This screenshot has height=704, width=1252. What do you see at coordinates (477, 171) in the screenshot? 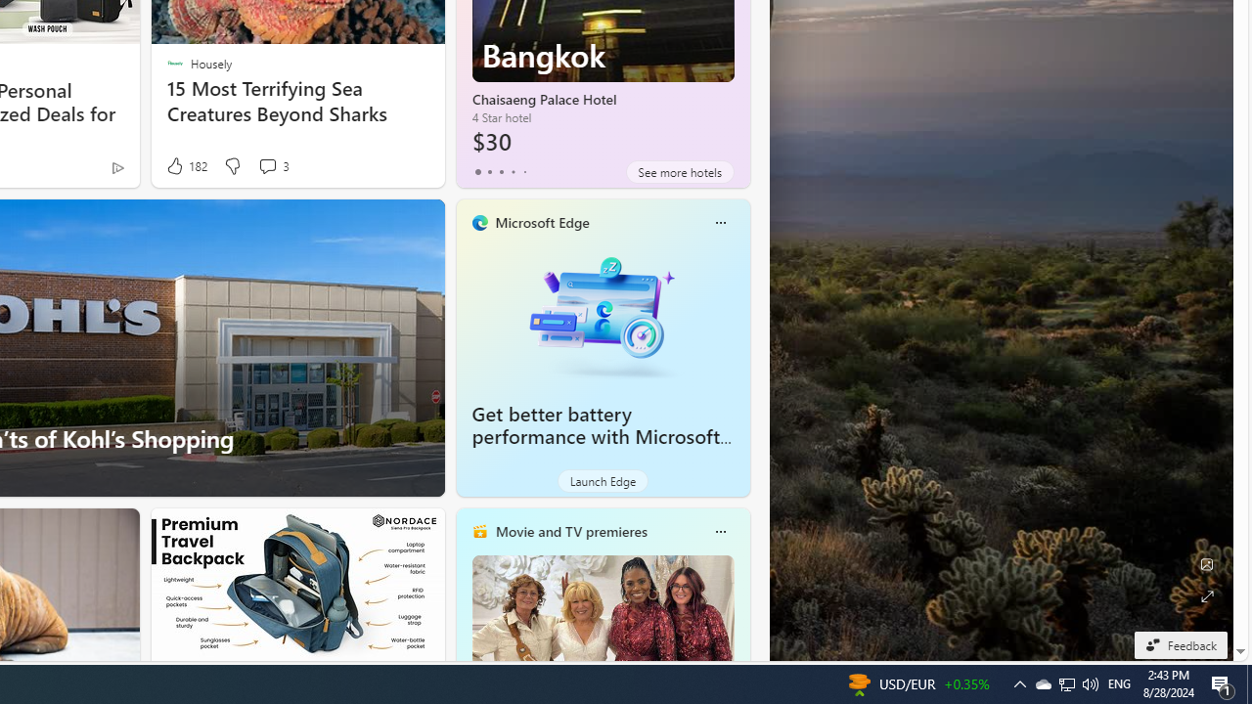
I see `'tab-0'` at bounding box center [477, 171].